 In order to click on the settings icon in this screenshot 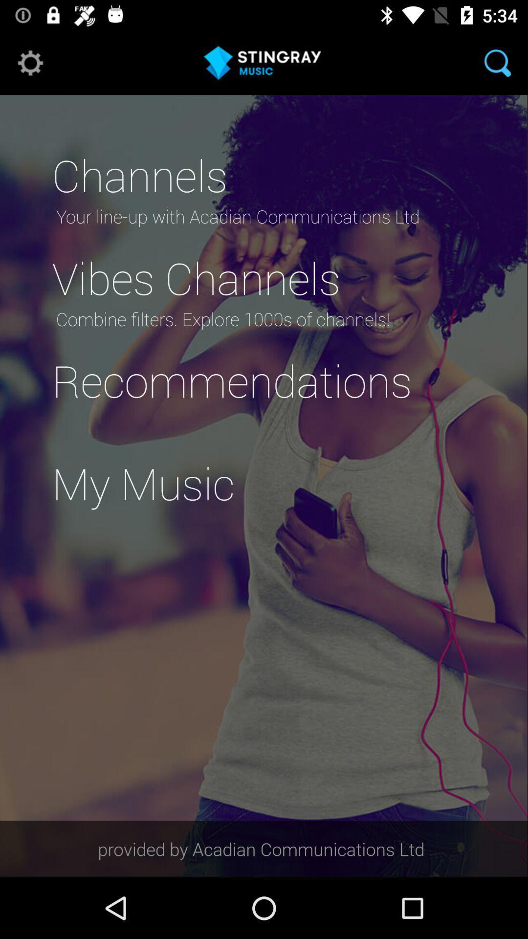, I will do `click(30, 62)`.